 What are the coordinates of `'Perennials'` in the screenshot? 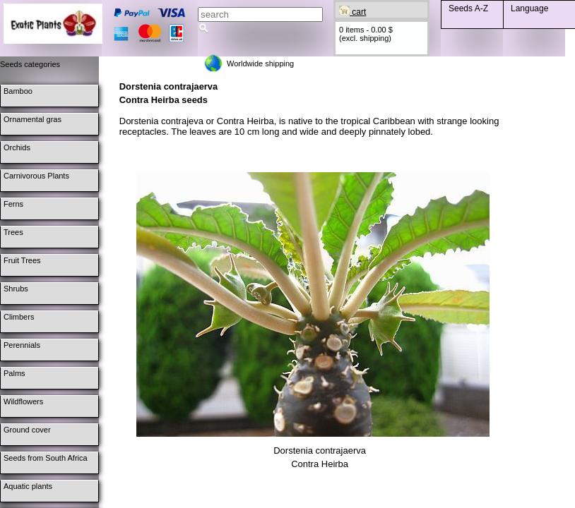 It's located at (2, 345).